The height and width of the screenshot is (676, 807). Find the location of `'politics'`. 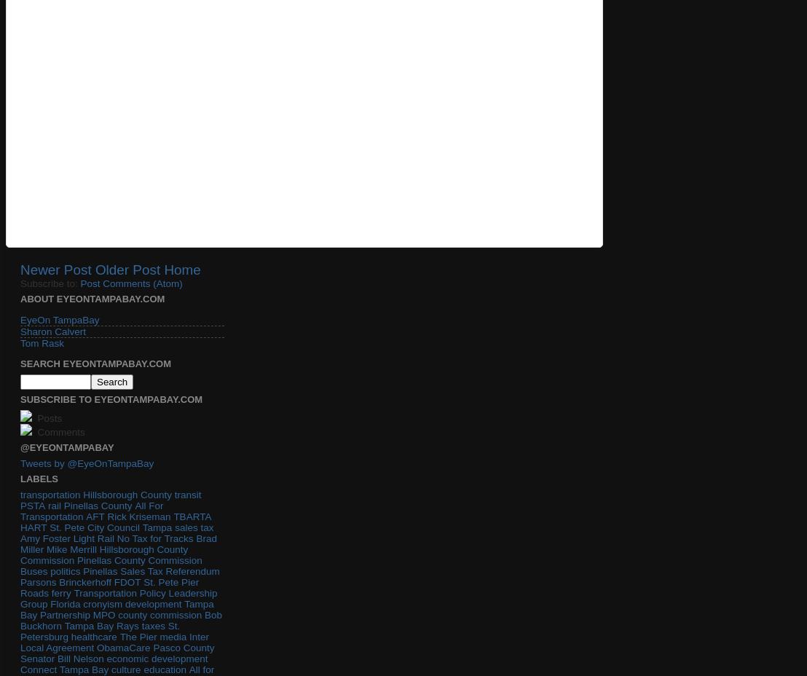

'politics' is located at coordinates (64, 570).